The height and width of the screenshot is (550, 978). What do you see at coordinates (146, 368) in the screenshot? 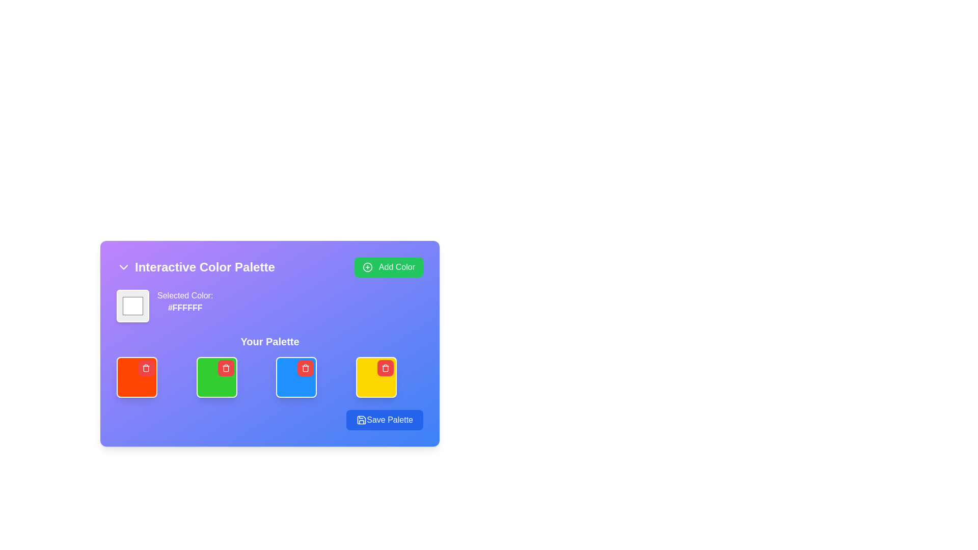
I see `the delete icon located in the top-right corner of the red-colored tile in 'Your Palette' using keyboard navigation` at bounding box center [146, 368].